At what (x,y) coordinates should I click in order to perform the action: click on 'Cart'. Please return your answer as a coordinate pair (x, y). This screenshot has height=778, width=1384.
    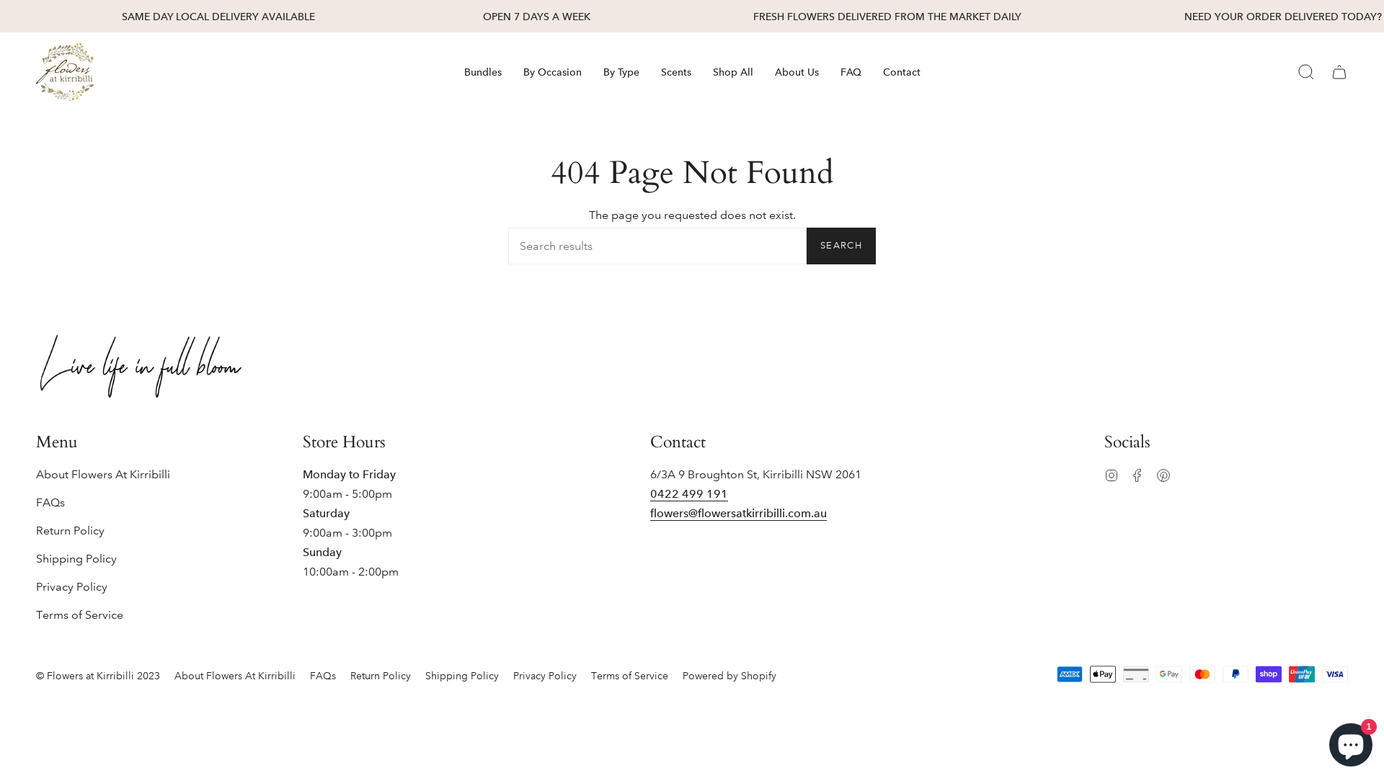
    Looking at the image, I should click on (1338, 72).